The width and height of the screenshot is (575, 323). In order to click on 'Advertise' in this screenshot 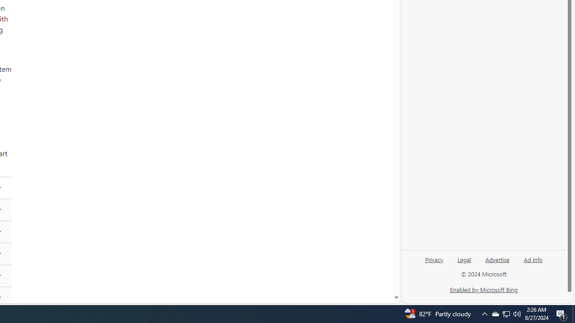, I will do `click(497, 259)`.